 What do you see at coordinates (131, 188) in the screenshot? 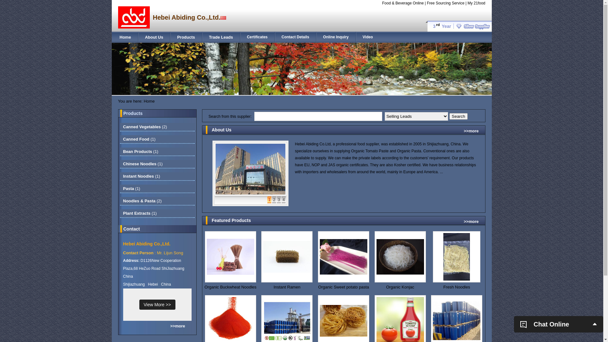
I see `'Pasta (1)'` at bounding box center [131, 188].